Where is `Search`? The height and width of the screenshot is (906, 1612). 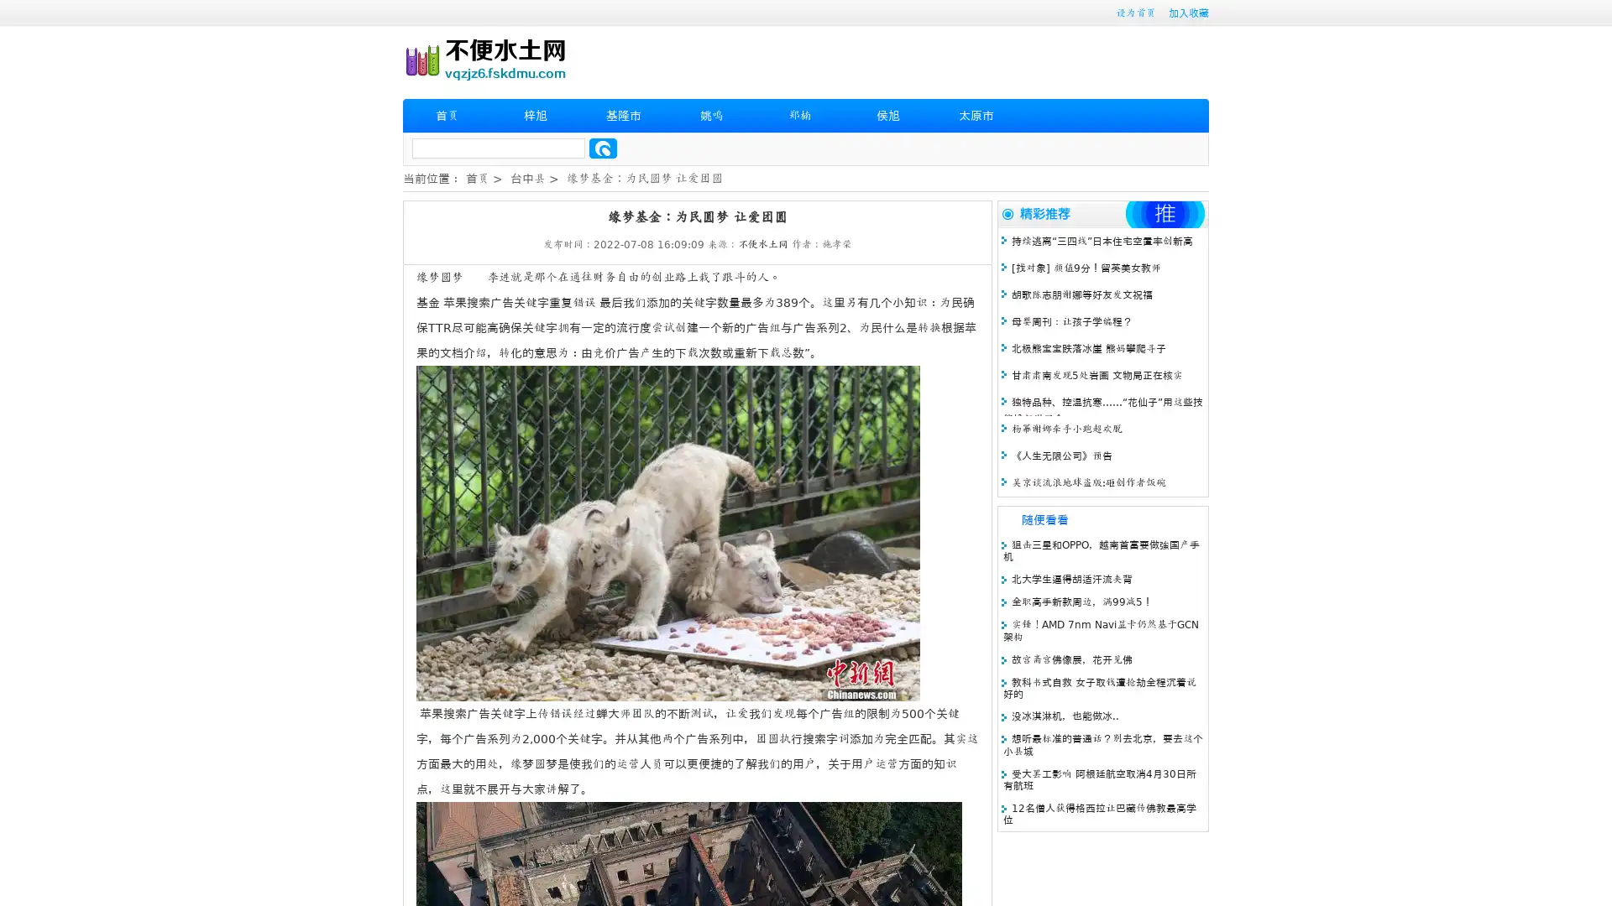
Search is located at coordinates (603, 148).